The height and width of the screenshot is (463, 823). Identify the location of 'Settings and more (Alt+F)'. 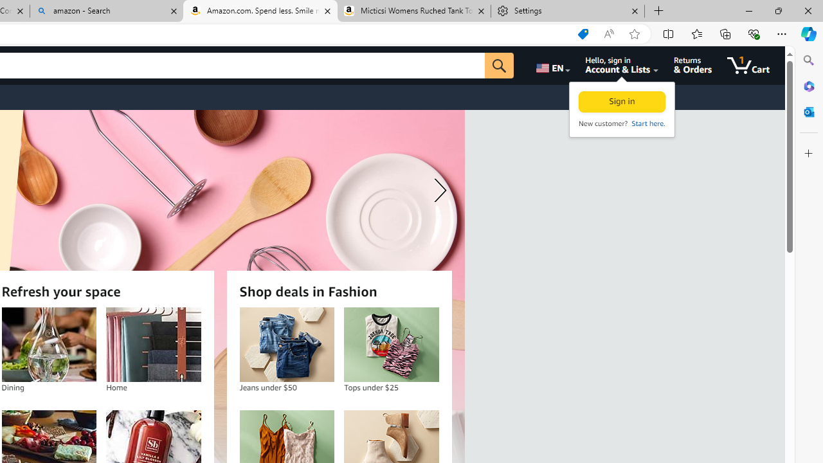
(781, 33).